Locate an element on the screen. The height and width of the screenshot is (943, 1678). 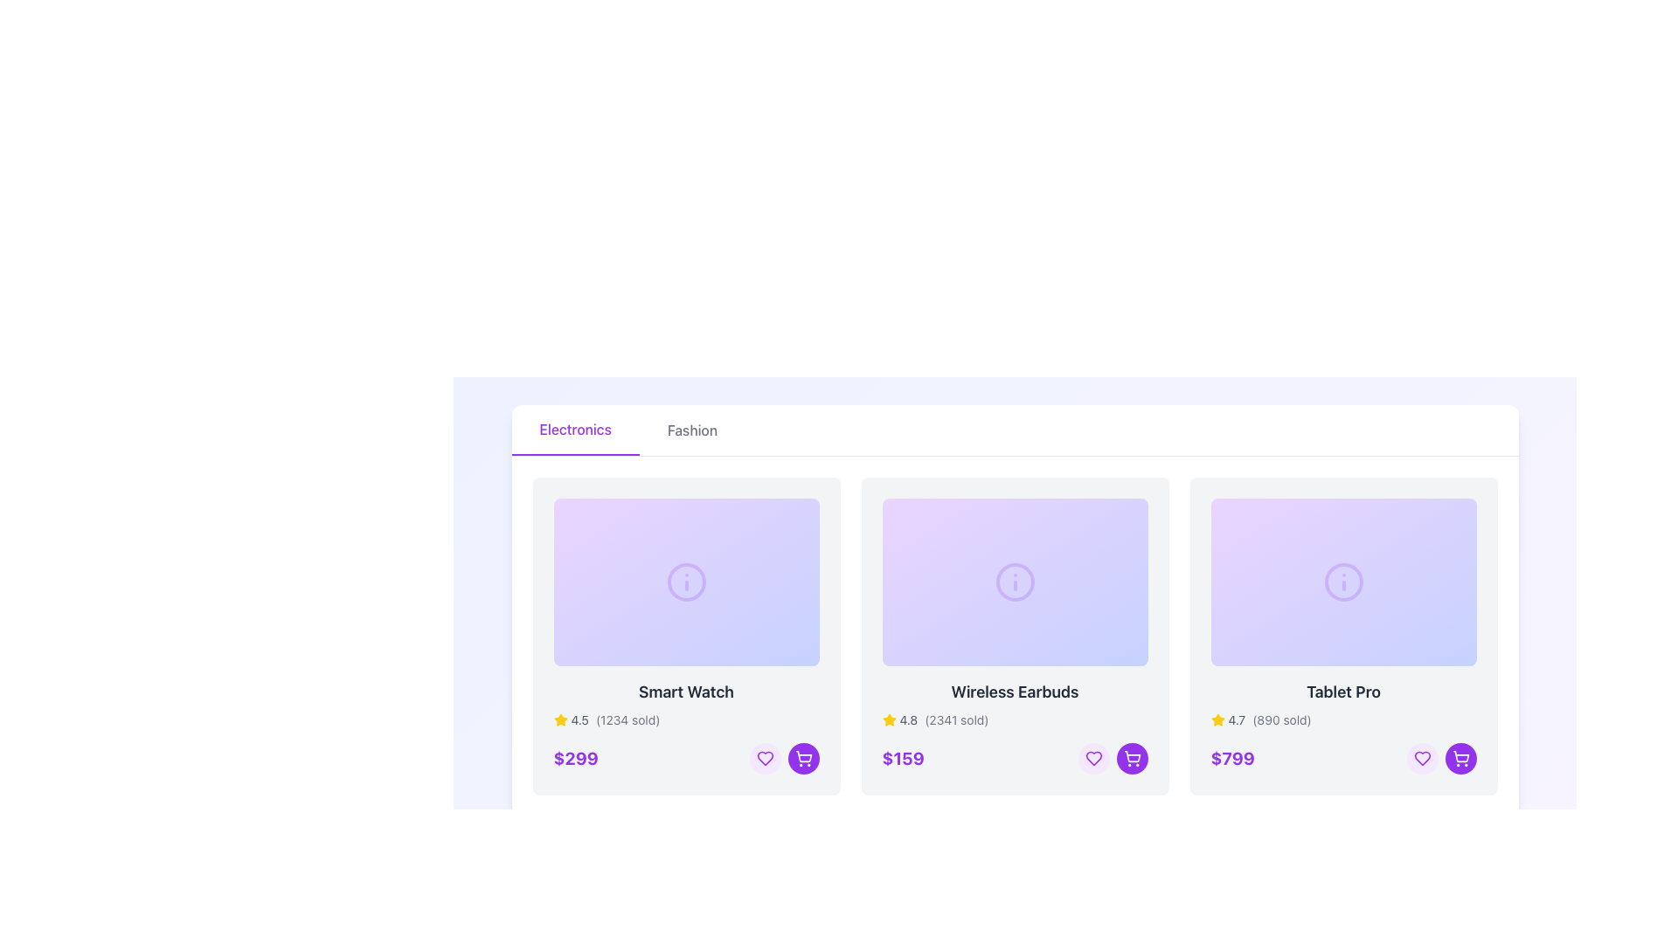
the shopping cart button for the 'Tablet Pro' product is located at coordinates (1441, 757).